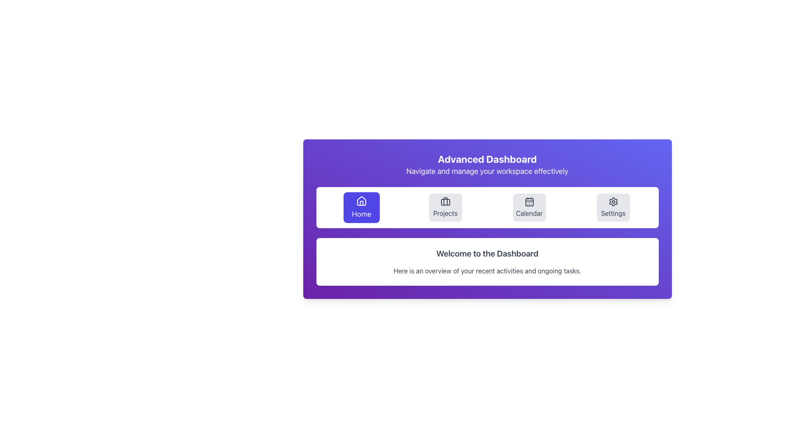 This screenshot has width=790, height=444. Describe the element at coordinates (529, 201) in the screenshot. I see `the calendar icon located within the 'Calendar' button, which is the third option in the row of four buttons under the 'Advanced Dashboard' header` at that location.